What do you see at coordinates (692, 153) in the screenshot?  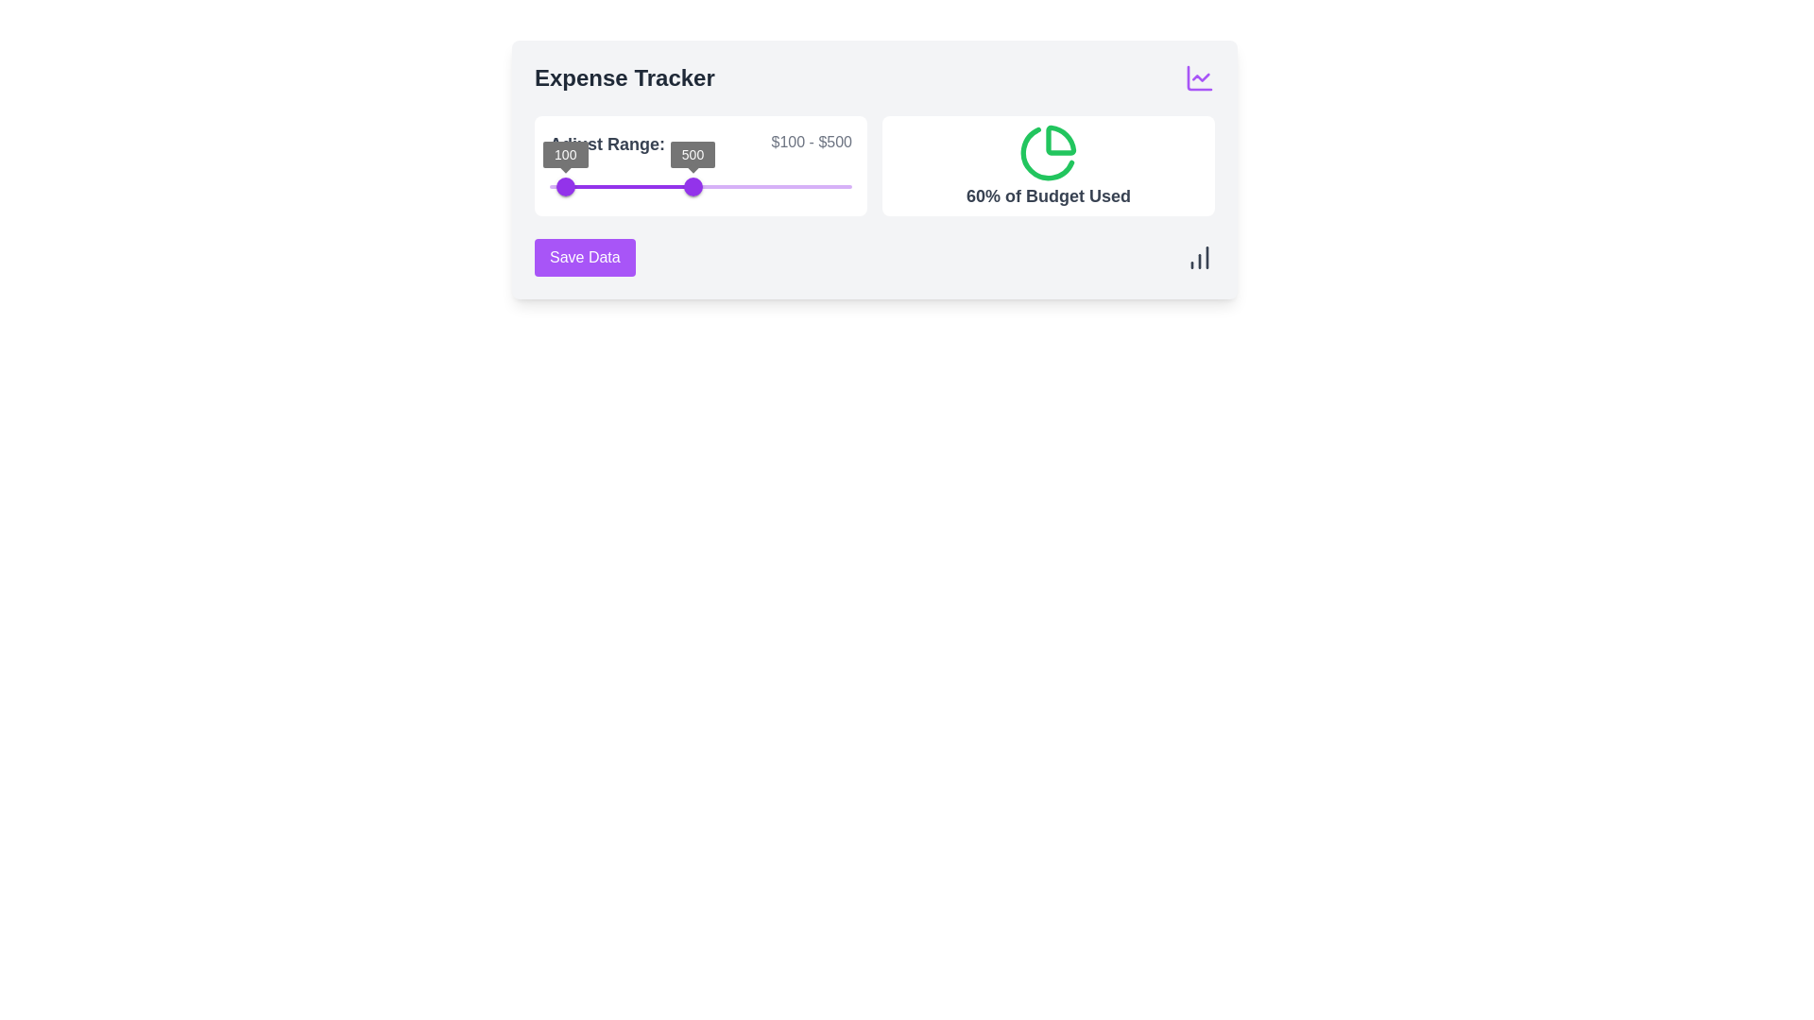 I see `the numeric value '500' displayed in white text above the second slider handle of the 'Adjust Range' slider as it changes with slider adjustments` at bounding box center [692, 153].